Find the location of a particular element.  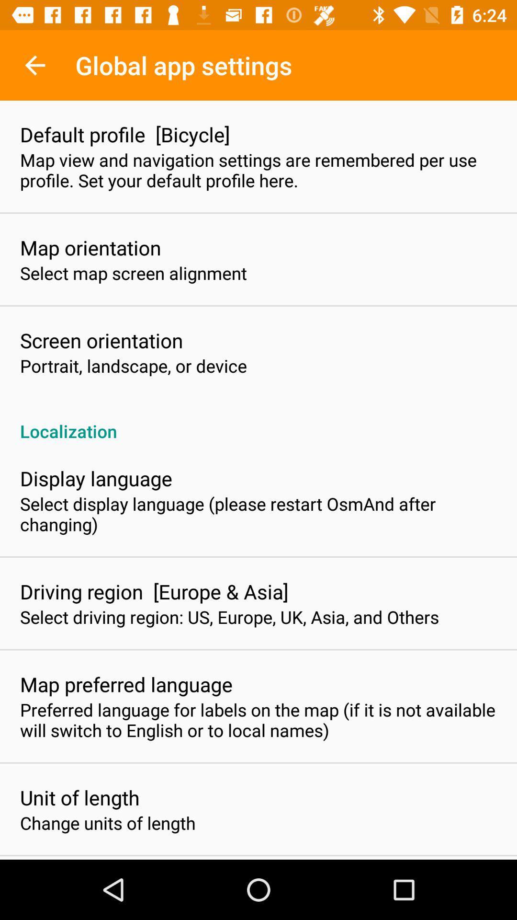

the item above the display language icon is located at coordinates (258, 421).